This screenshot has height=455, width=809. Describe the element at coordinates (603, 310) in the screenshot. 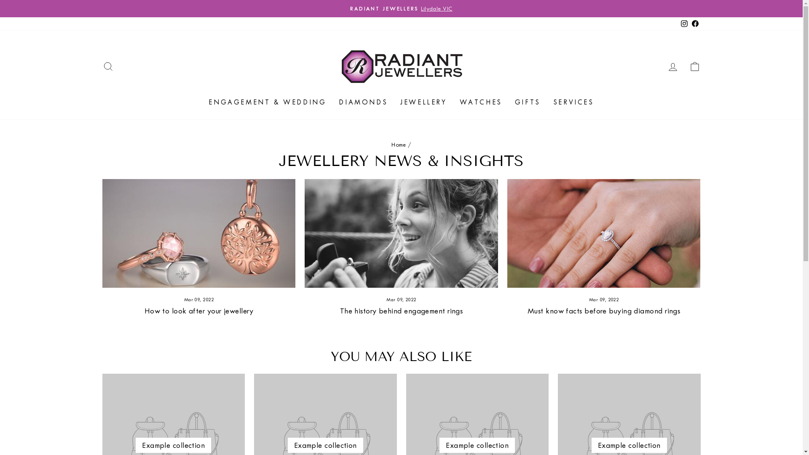

I see `'Must know facts before buying diamond rings'` at that location.